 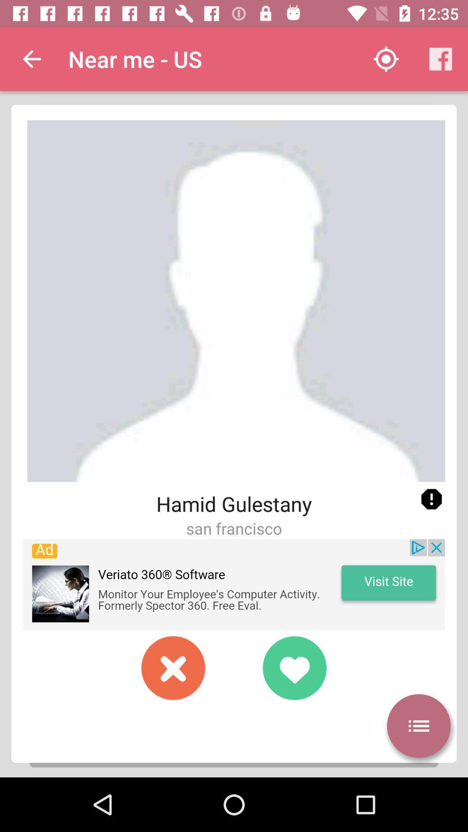 I want to click on likes option, so click(x=294, y=667).